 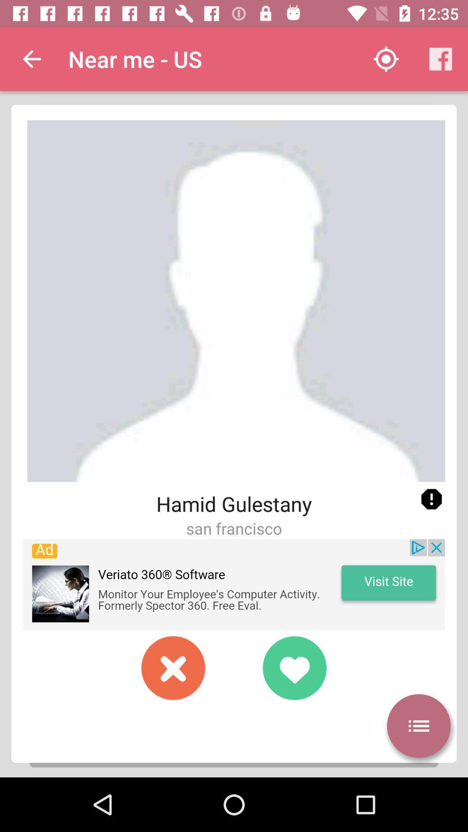 I want to click on likes option, so click(x=294, y=667).